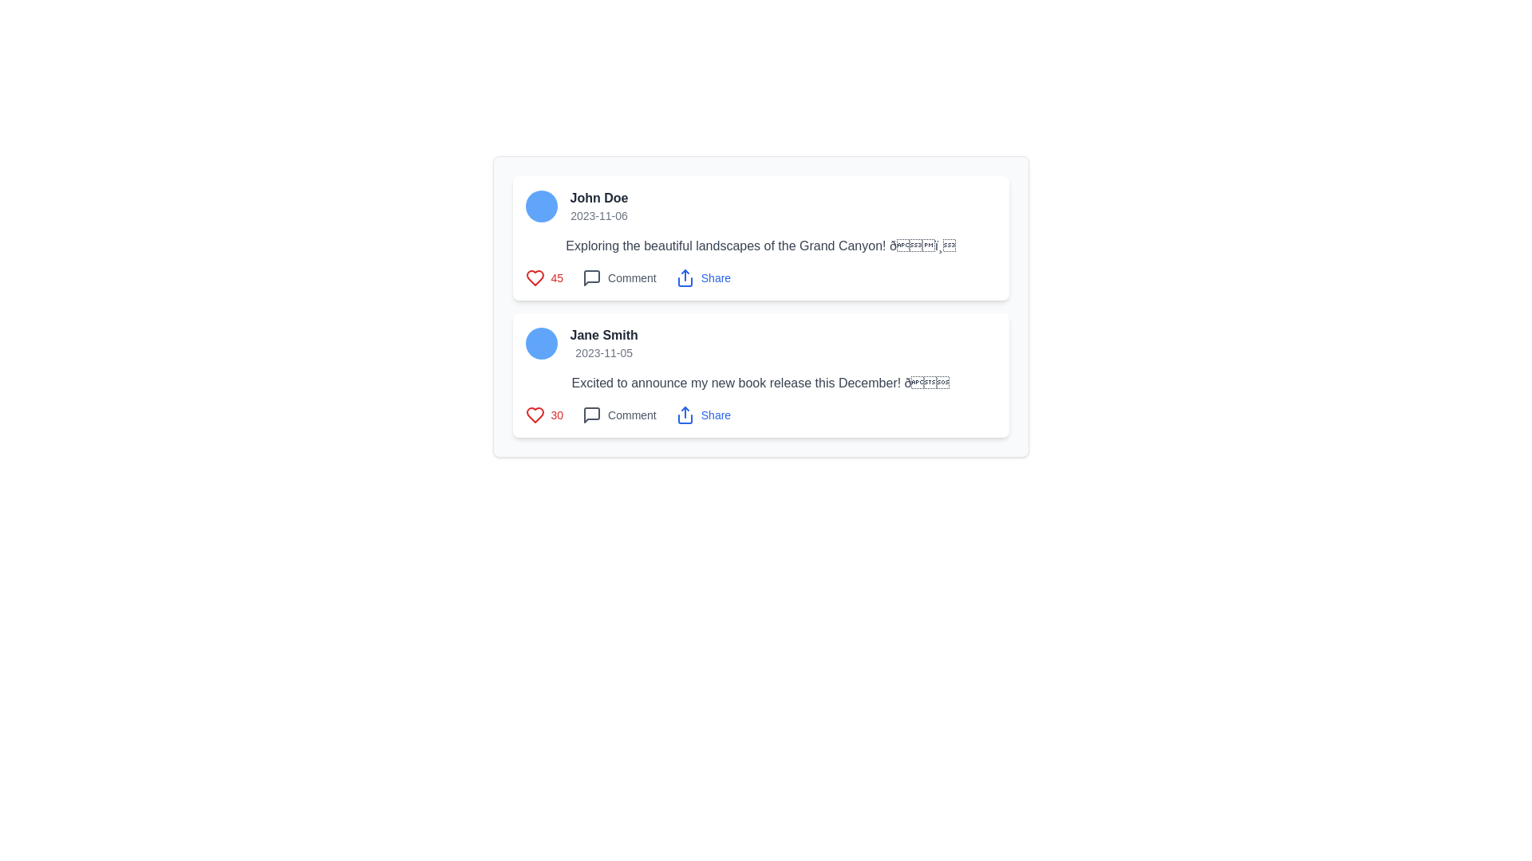 This screenshot has height=861, width=1532. What do you see at coordinates (598, 198) in the screenshot?
I see `text displayed in the author/user name text label, positioned to the right of the circular avatar in the upper section of the first card in the list of posts` at bounding box center [598, 198].